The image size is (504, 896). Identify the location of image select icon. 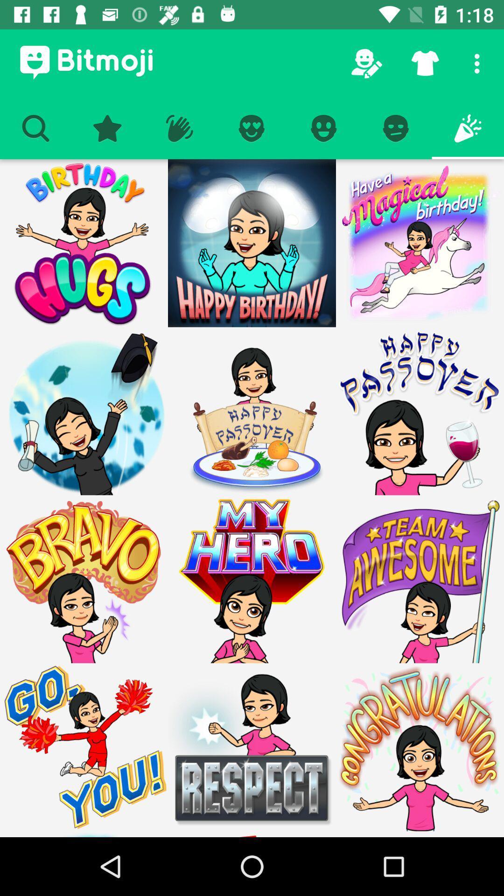
(84, 411).